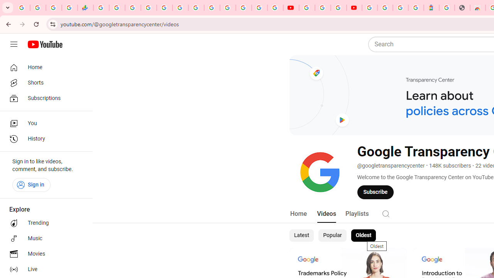  Describe the element at coordinates (323, 8) in the screenshot. I see `'Google Account Help'` at that location.